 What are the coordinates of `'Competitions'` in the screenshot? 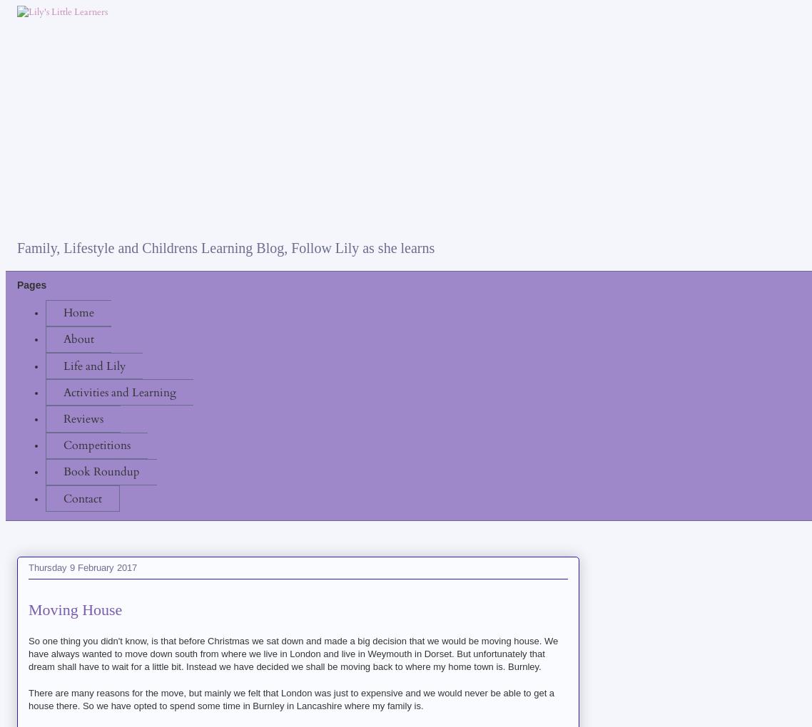 It's located at (96, 444).